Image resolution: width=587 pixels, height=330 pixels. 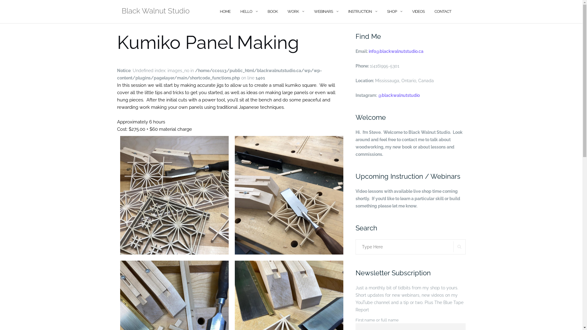 What do you see at coordinates (323, 11) in the screenshot?
I see `'WEBINARS'` at bounding box center [323, 11].